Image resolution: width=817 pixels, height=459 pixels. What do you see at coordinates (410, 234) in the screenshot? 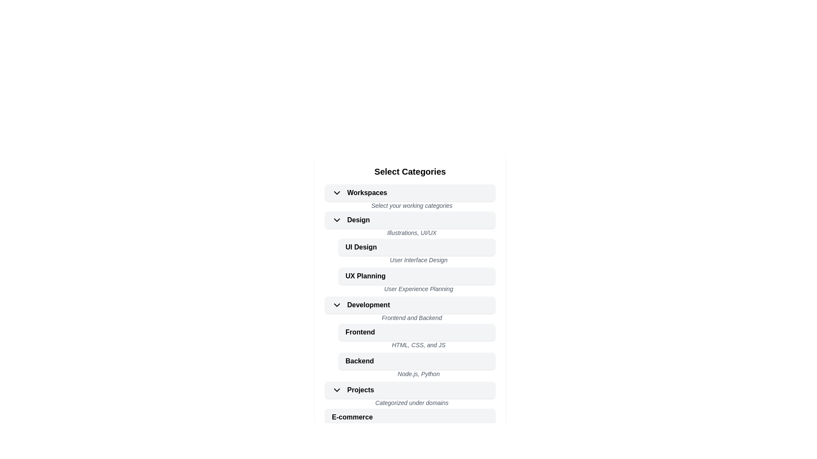
I see `the Text Label that provides clarification for the 'Design' category, located in the center of the content area, directly below the title section` at bounding box center [410, 234].